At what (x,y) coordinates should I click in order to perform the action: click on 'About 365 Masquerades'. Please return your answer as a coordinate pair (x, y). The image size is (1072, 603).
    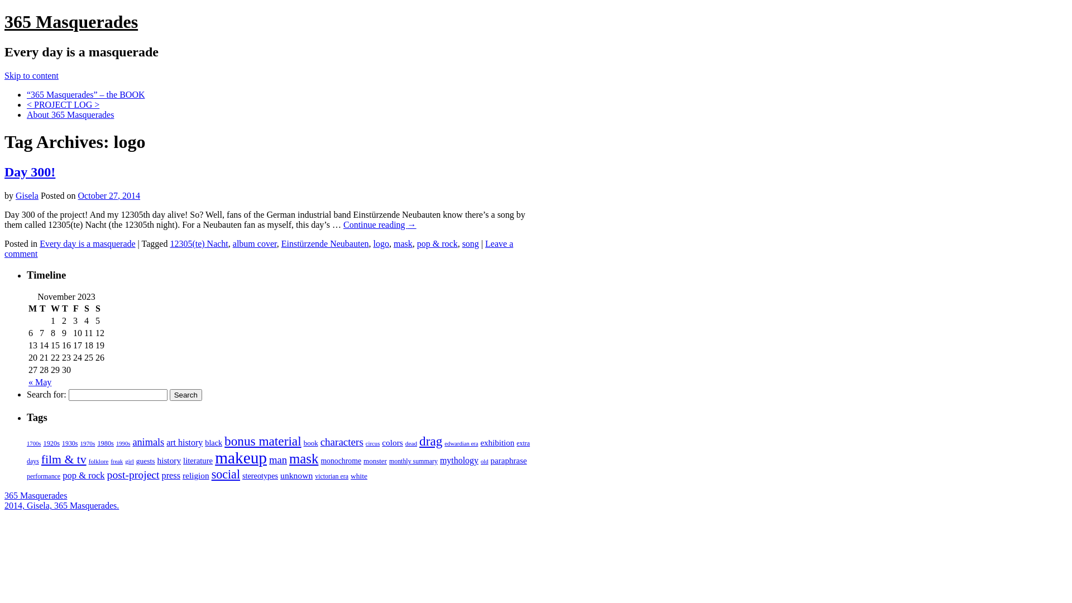
    Looking at the image, I should click on (69, 114).